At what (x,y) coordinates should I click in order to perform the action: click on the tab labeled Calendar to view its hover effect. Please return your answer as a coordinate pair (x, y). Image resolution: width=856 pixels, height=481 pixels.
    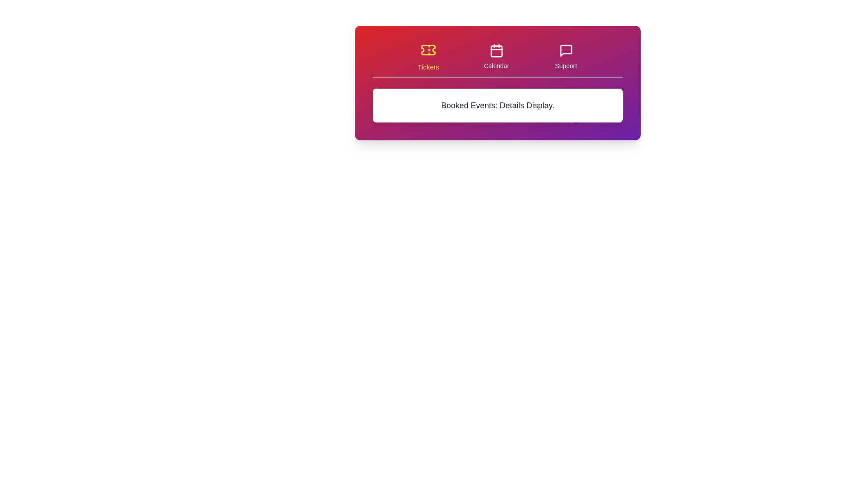
    Looking at the image, I should click on (496, 57).